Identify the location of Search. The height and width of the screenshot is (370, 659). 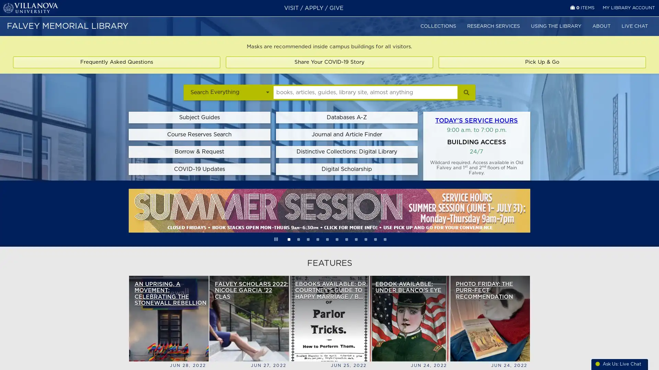
(466, 92).